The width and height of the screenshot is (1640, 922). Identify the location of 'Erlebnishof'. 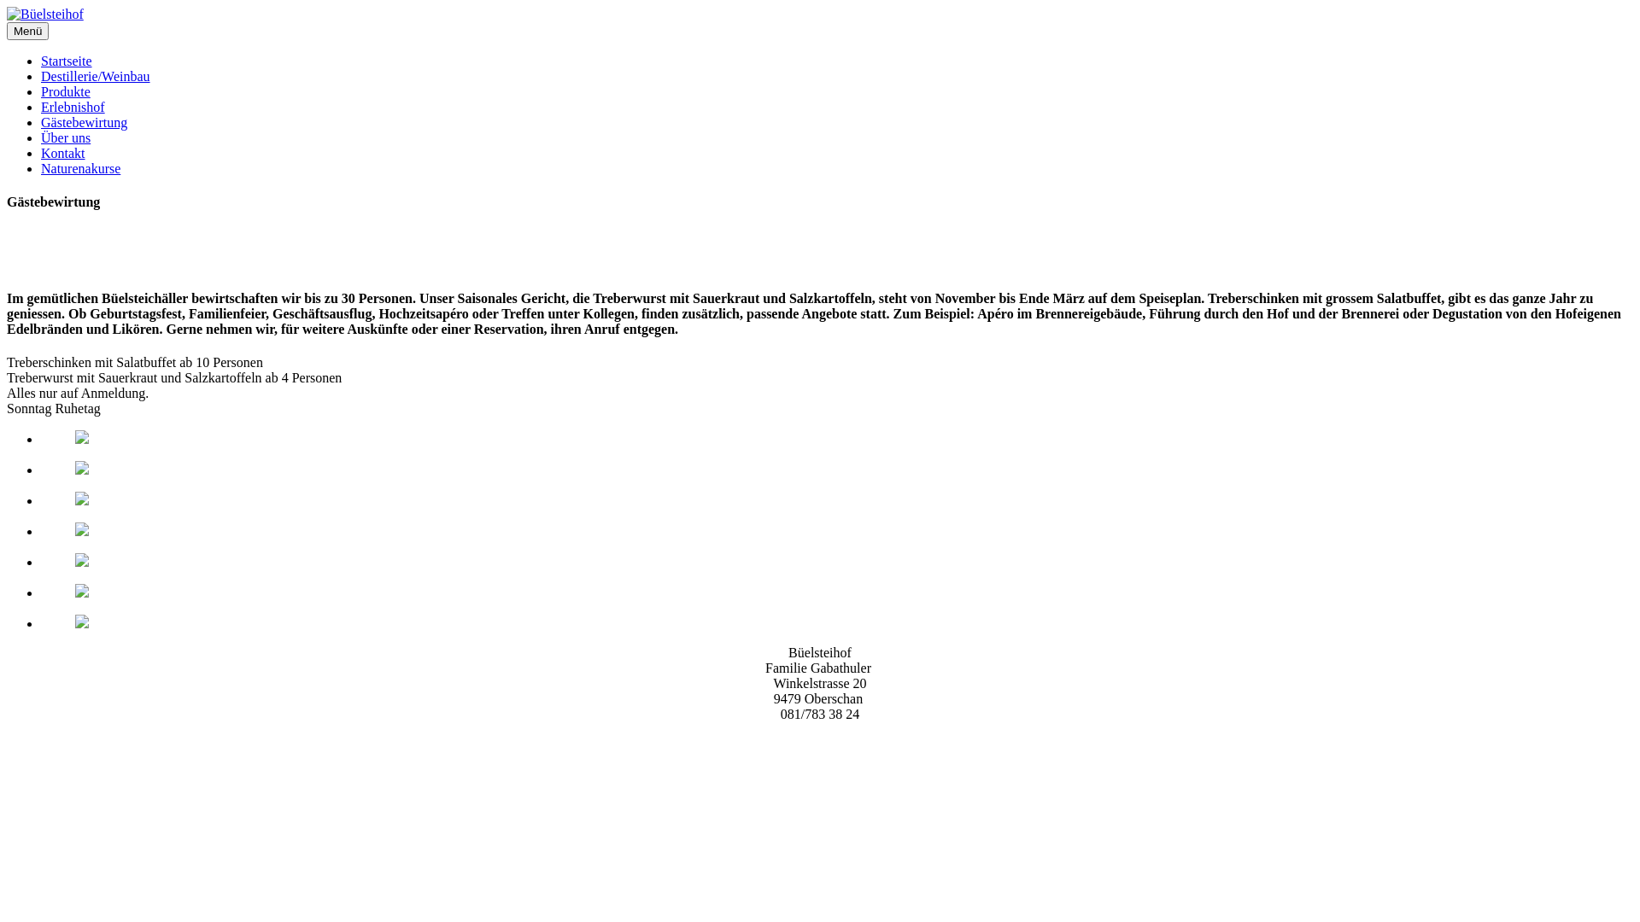
(72, 107).